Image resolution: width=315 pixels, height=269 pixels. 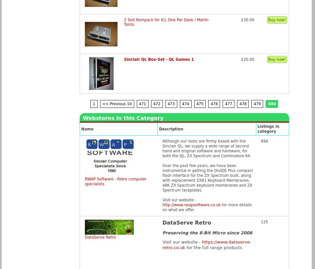 What do you see at coordinates (264, 141) in the screenshot?
I see `'694'` at bounding box center [264, 141].